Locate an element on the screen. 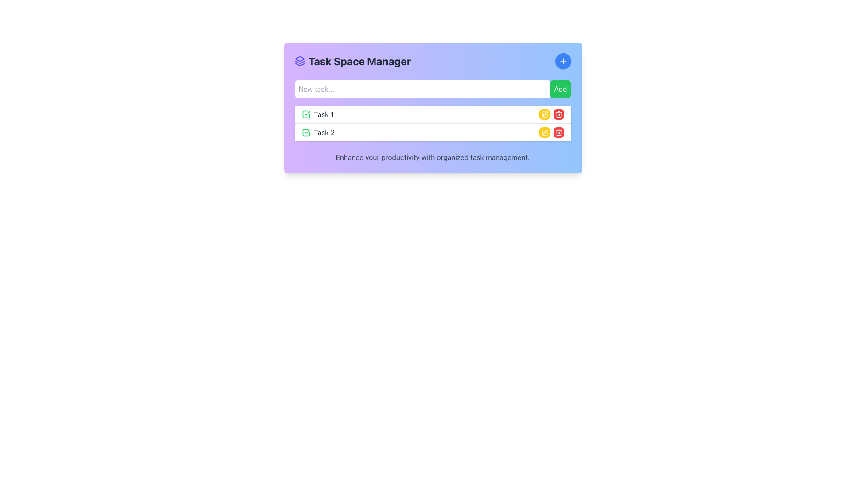 The width and height of the screenshot is (851, 479). the vibrant red button with a white trash can icon is located at coordinates (558, 133).